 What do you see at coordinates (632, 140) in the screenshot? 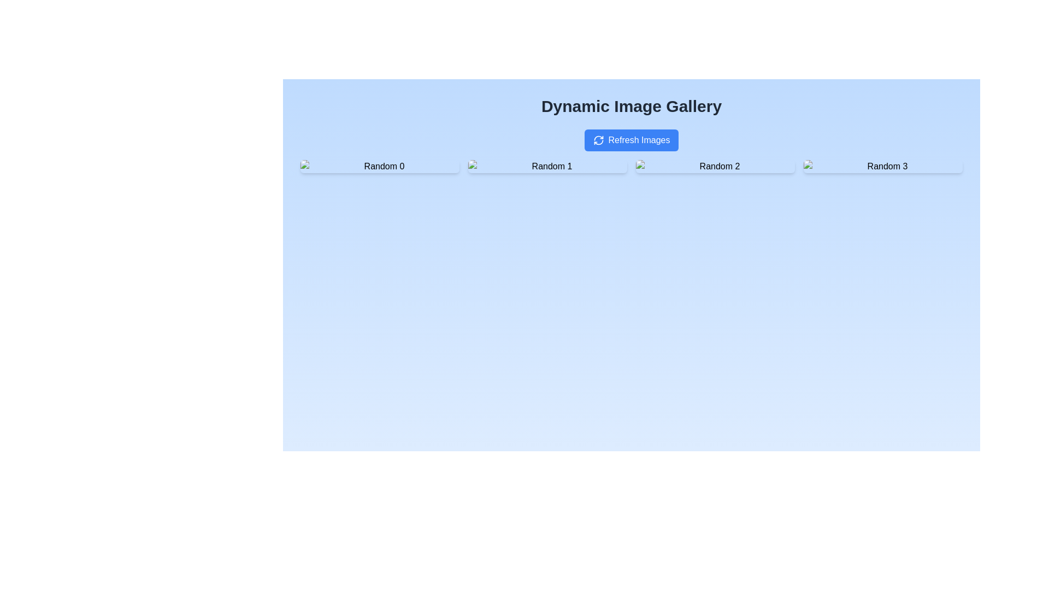
I see `the button with a blue background that refreshes the displayed images in the gallery` at bounding box center [632, 140].